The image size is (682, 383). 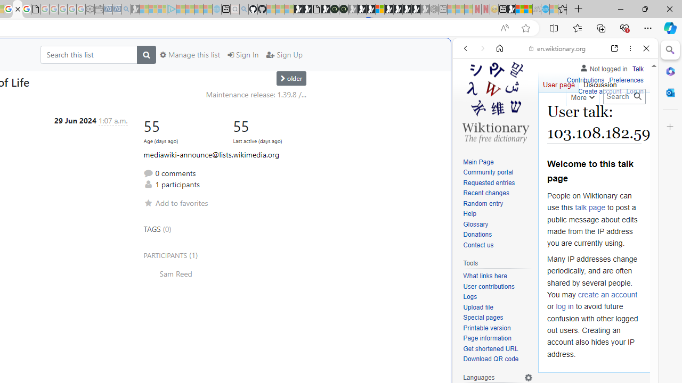 I want to click on 'Search the web', so click(x=560, y=73).